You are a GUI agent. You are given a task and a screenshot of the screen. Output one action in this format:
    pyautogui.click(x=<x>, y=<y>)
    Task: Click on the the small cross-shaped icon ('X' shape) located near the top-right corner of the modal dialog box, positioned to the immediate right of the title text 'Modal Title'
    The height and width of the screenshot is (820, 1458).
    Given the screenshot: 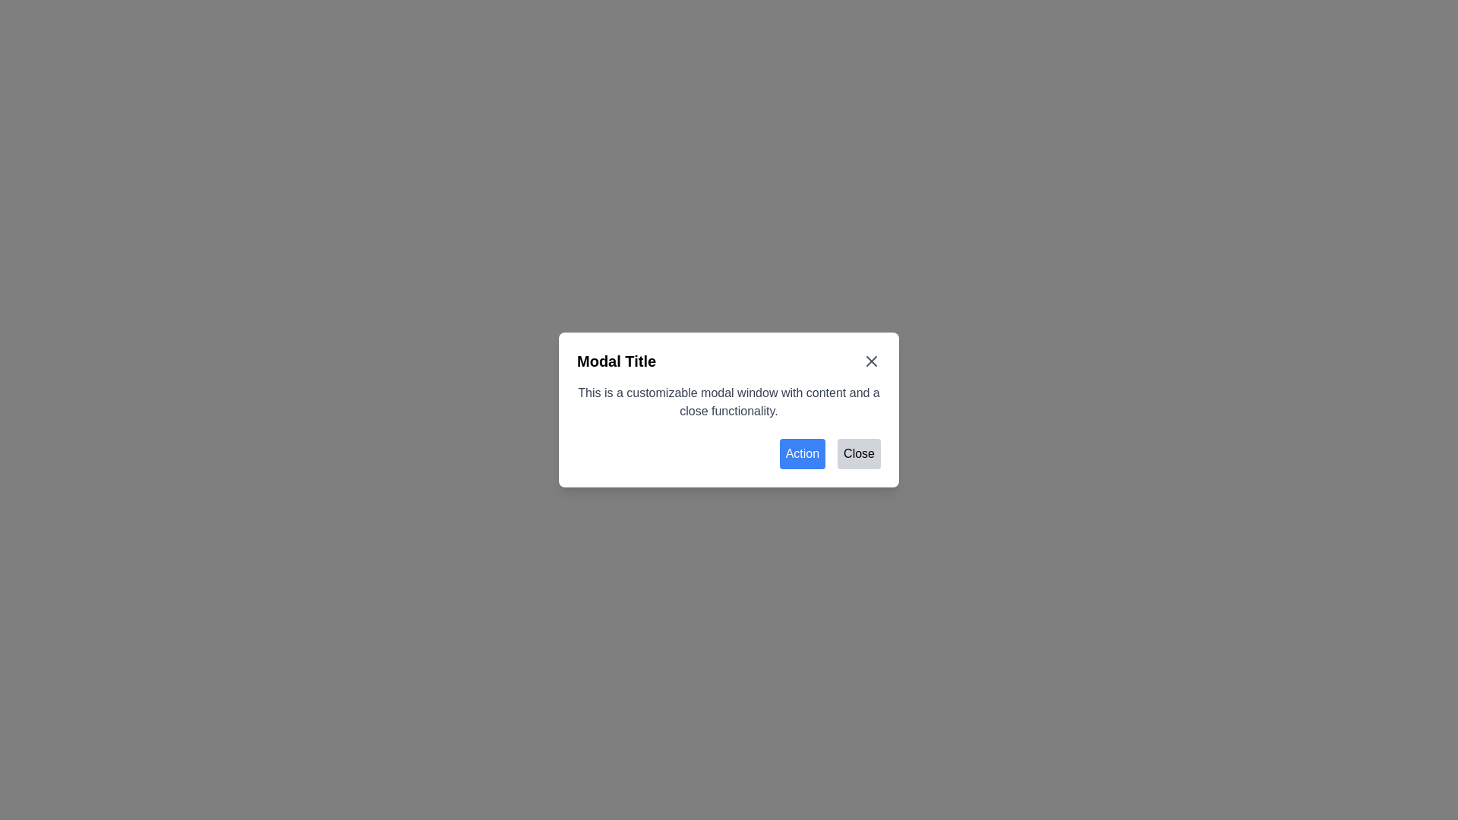 What is the action you would take?
    pyautogui.click(x=871, y=361)
    